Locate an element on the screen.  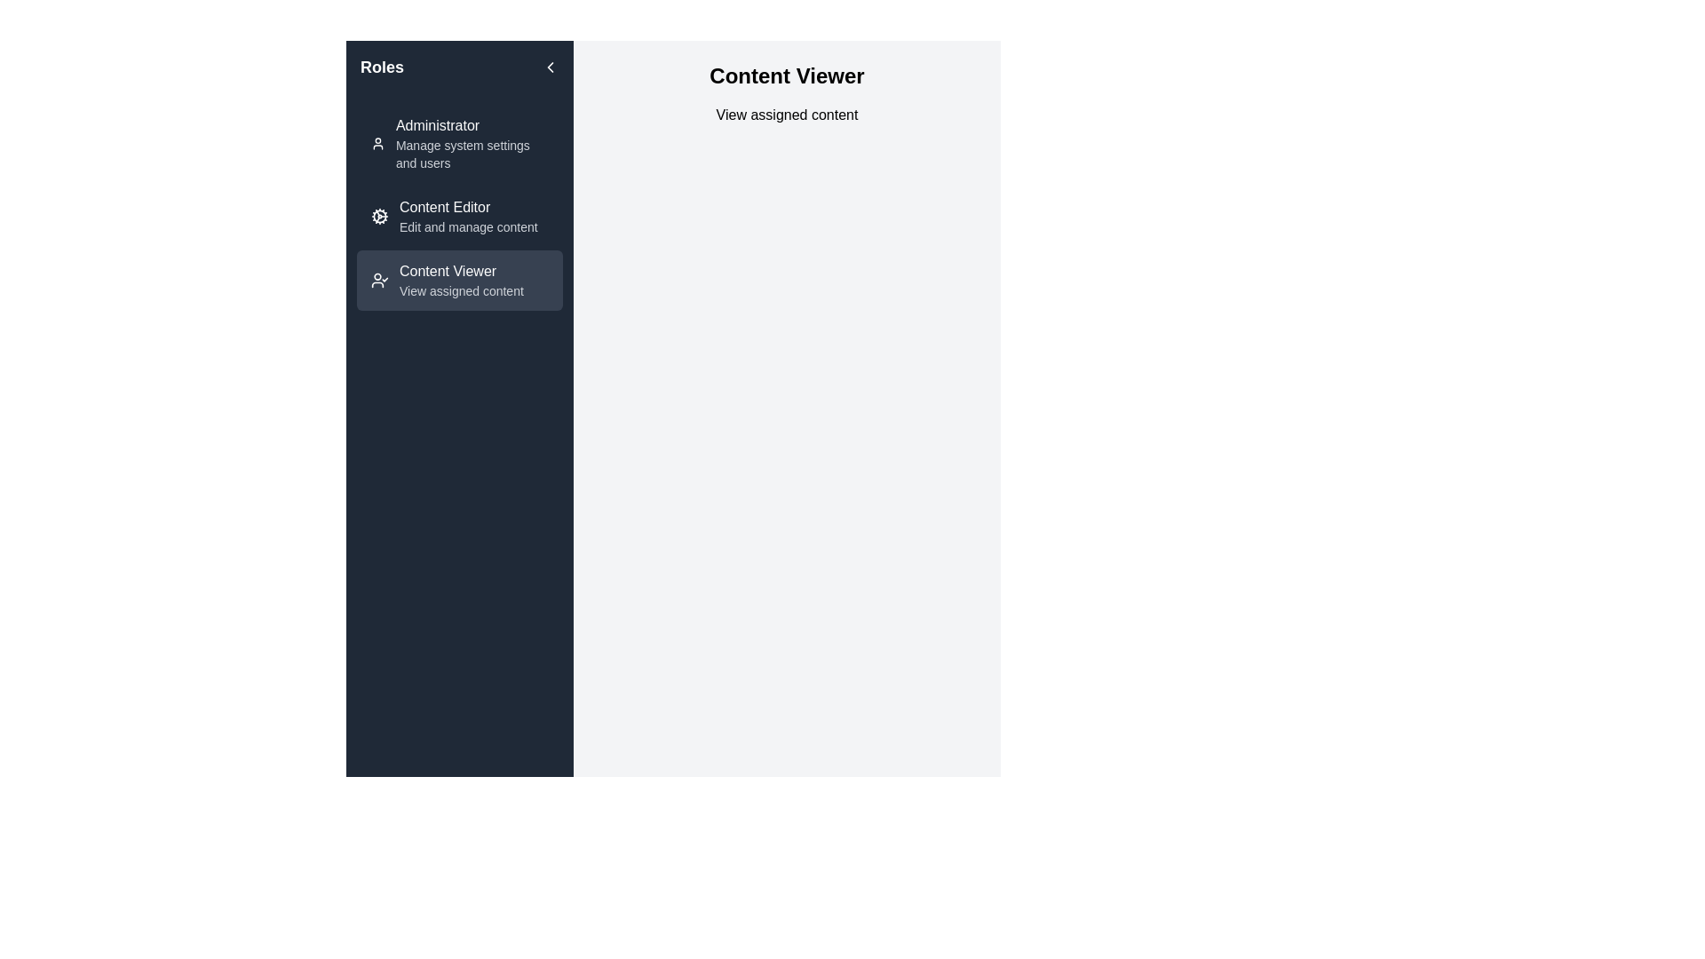
the cogwheel icon located on the left navigation panel within the 'Content Editor' menu is located at coordinates (378, 215).